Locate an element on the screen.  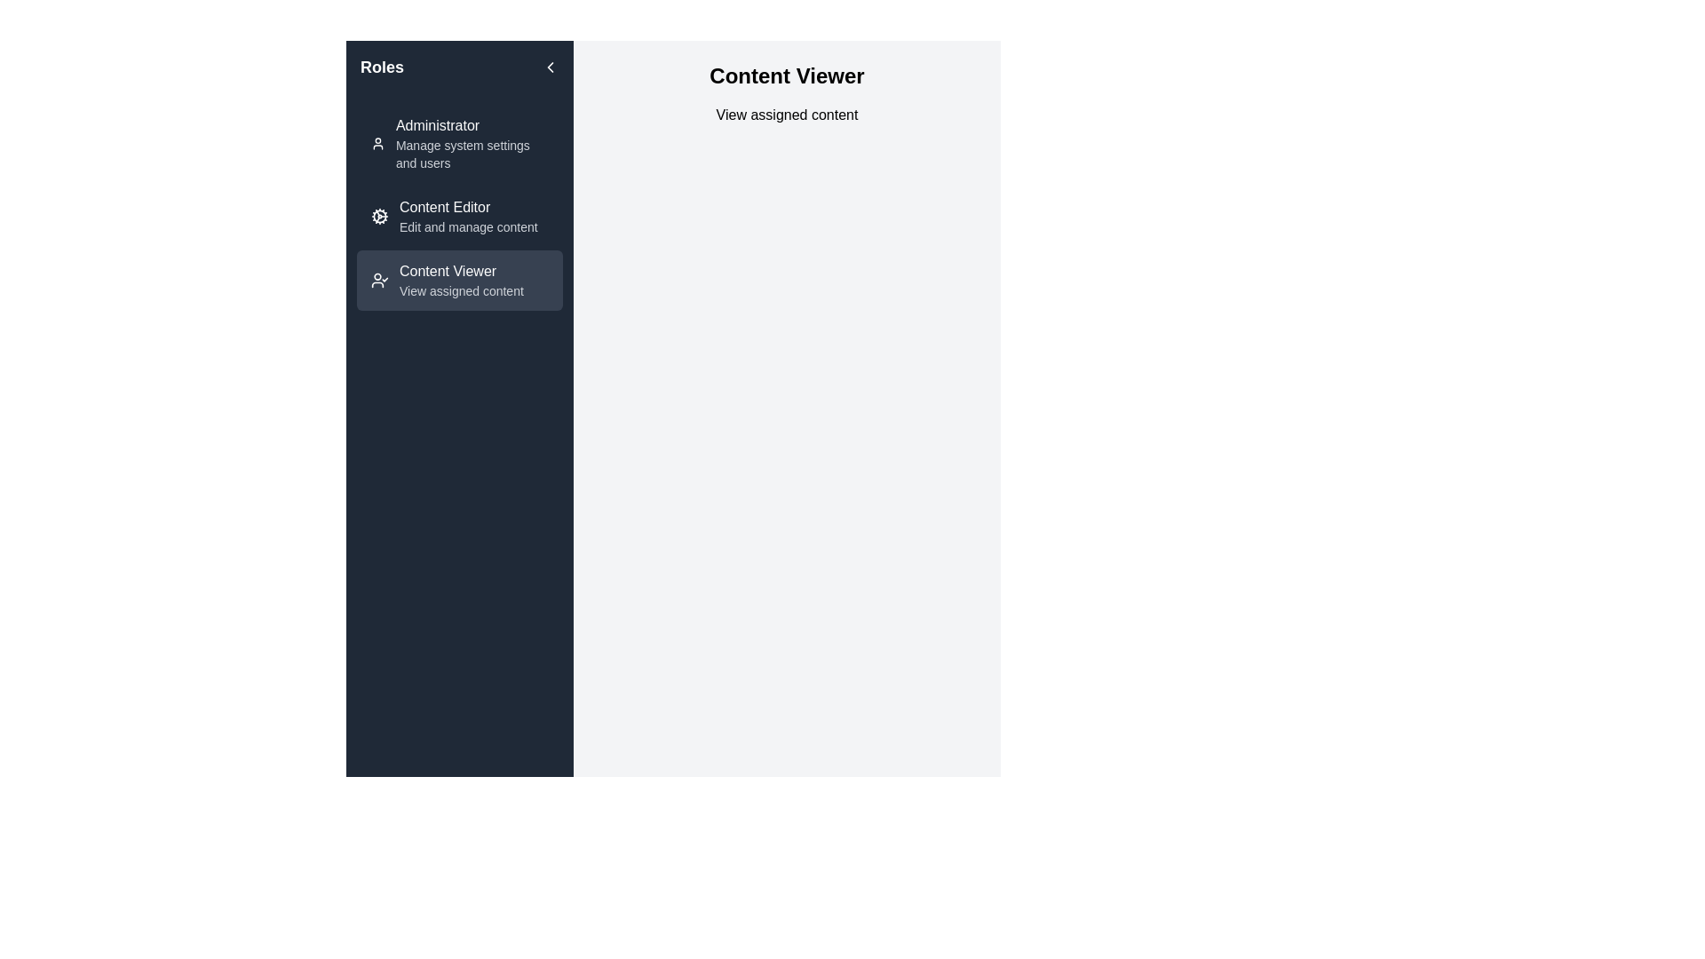
the cogwheel icon located on the left navigation panel within the 'Content Editor' menu is located at coordinates (378, 215).